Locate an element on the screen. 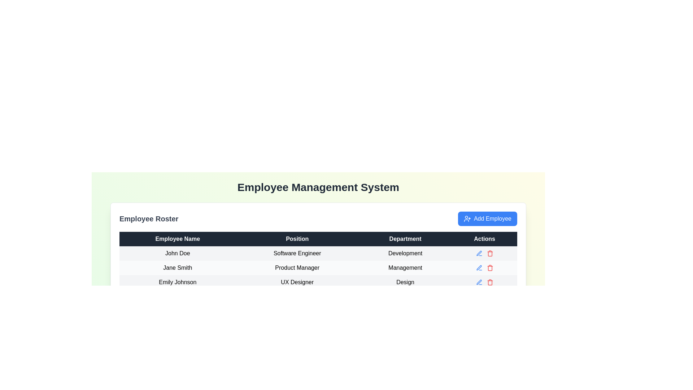 This screenshot has height=390, width=693. the red trashcan icon button in the third row of the action column is located at coordinates (490, 253).